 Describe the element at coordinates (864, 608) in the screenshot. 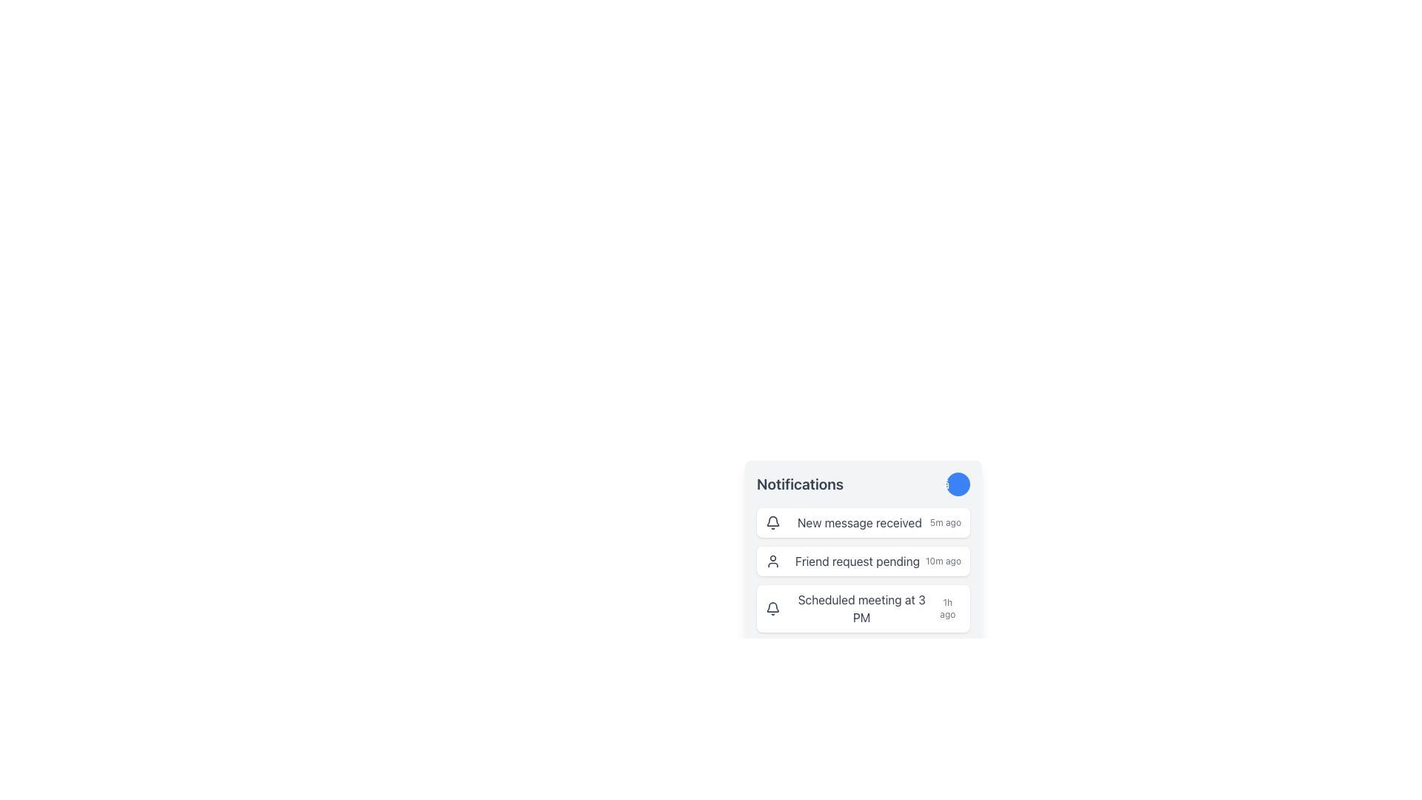

I see `Notification card displaying a scheduled meeting at 3 PM, which is the third entry in the list of notifications` at that location.